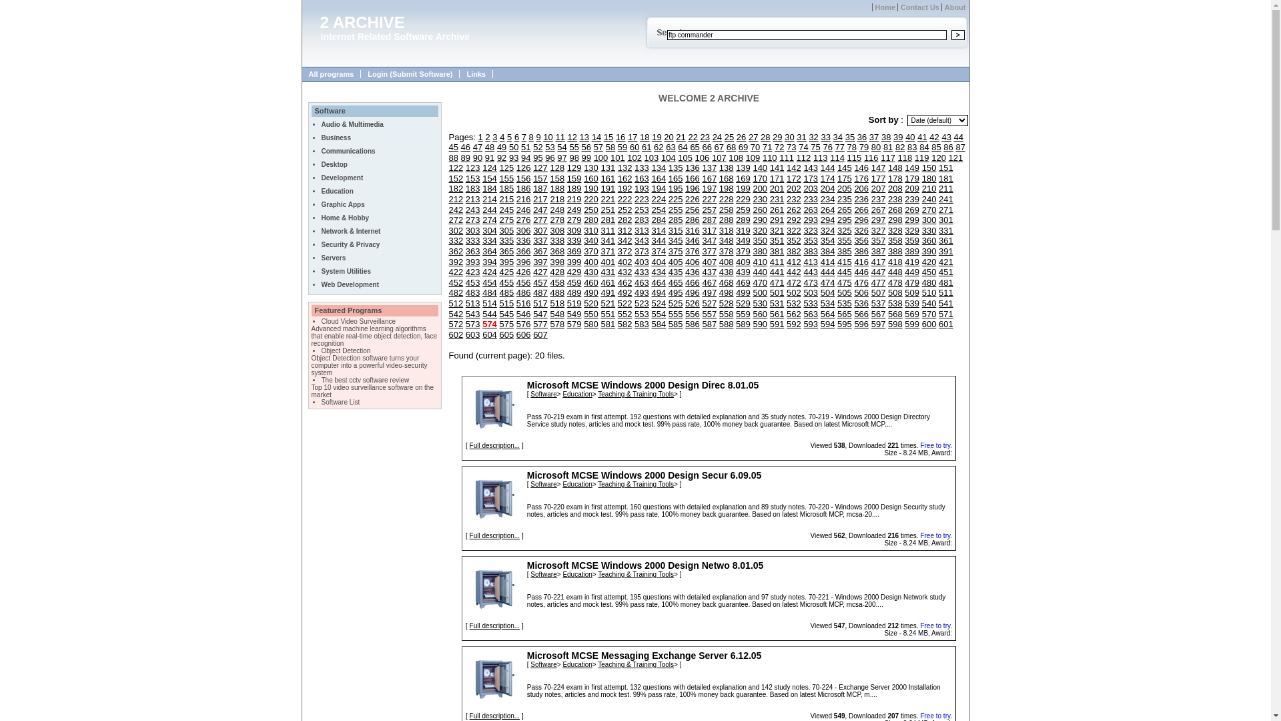 The height and width of the screenshot is (721, 1281). I want to click on '427', so click(540, 271).